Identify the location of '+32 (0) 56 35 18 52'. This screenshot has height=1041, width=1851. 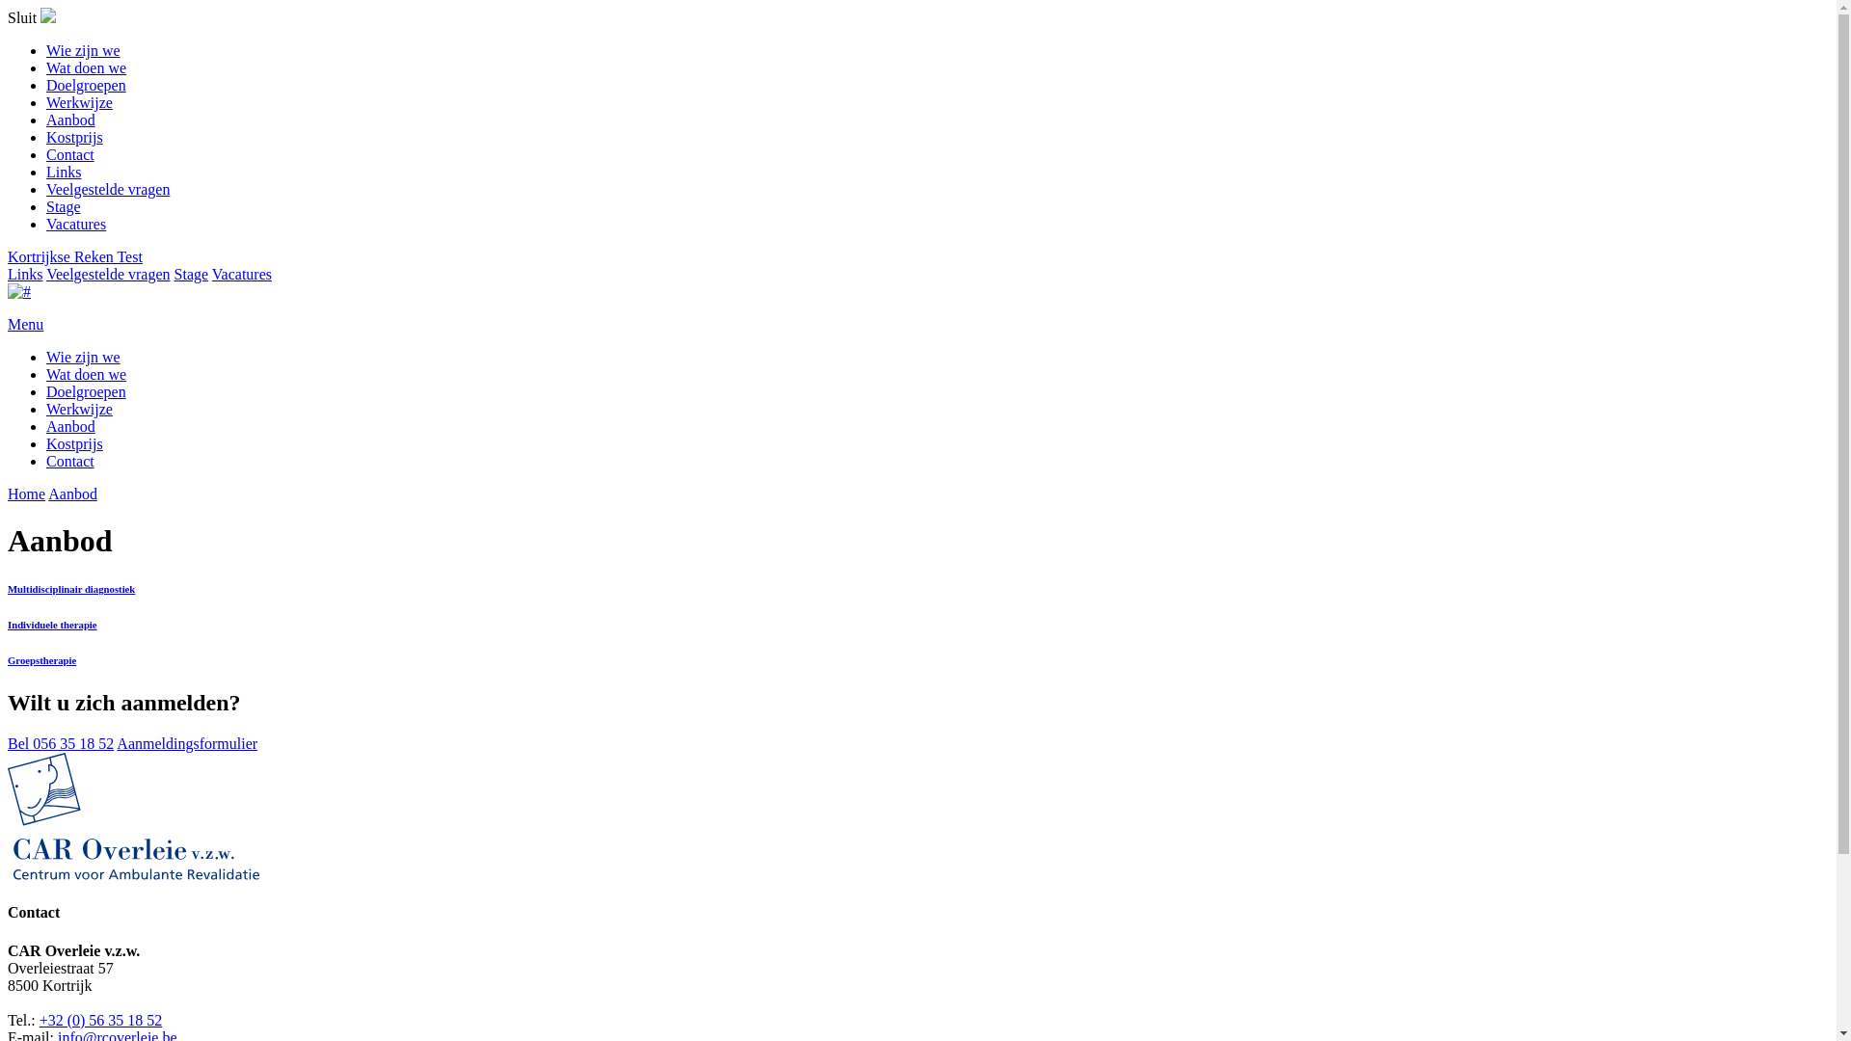
(100, 1019).